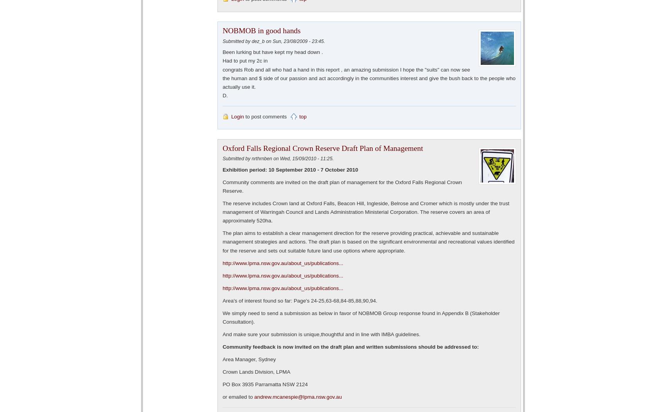 The width and height of the screenshot is (666, 412). What do you see at coordinates (261, 30) in the screenshot?
I see `'NOBMOB in good hands'` at bounding box center [261, 30].